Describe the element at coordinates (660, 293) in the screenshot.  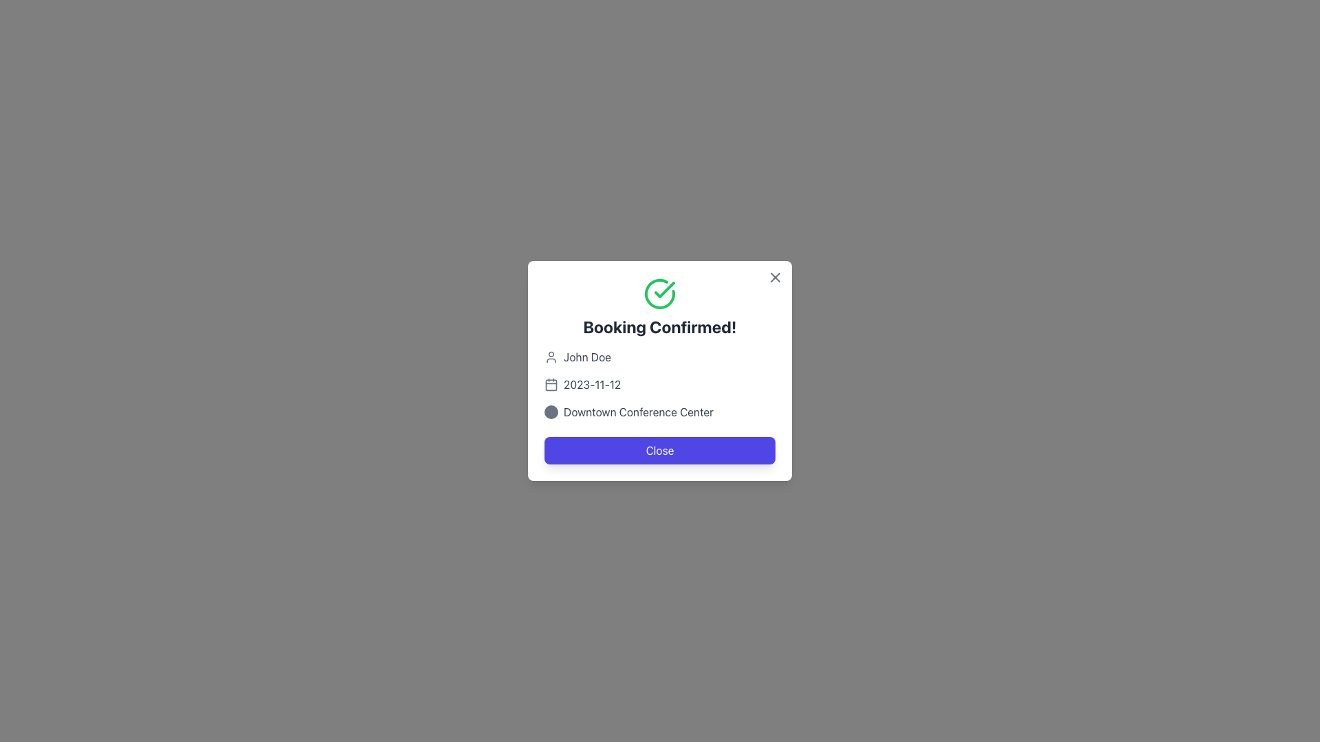
I see `success confirmation icon located centrally in the confirmation dialog box, above the text 'Booking Confirmed!'` at that location.